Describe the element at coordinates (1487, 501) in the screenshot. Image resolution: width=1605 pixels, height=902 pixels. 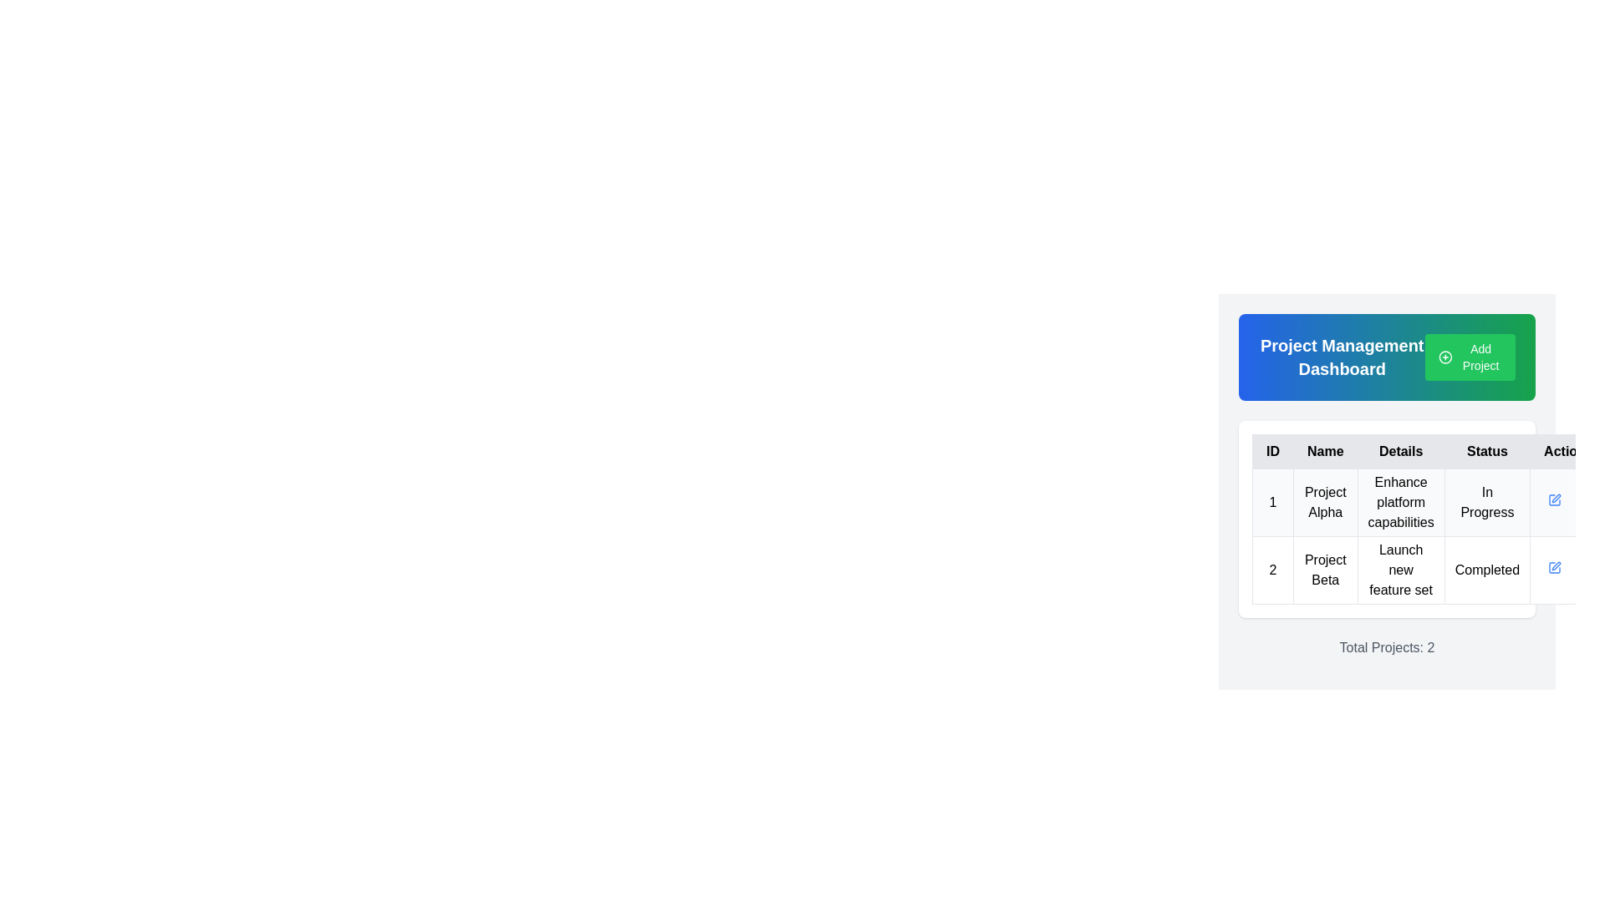
I see `the 'In Progress' text display element in the Status field of Project Alpha, which is the fifth column in the first row of the project information table` at that location.